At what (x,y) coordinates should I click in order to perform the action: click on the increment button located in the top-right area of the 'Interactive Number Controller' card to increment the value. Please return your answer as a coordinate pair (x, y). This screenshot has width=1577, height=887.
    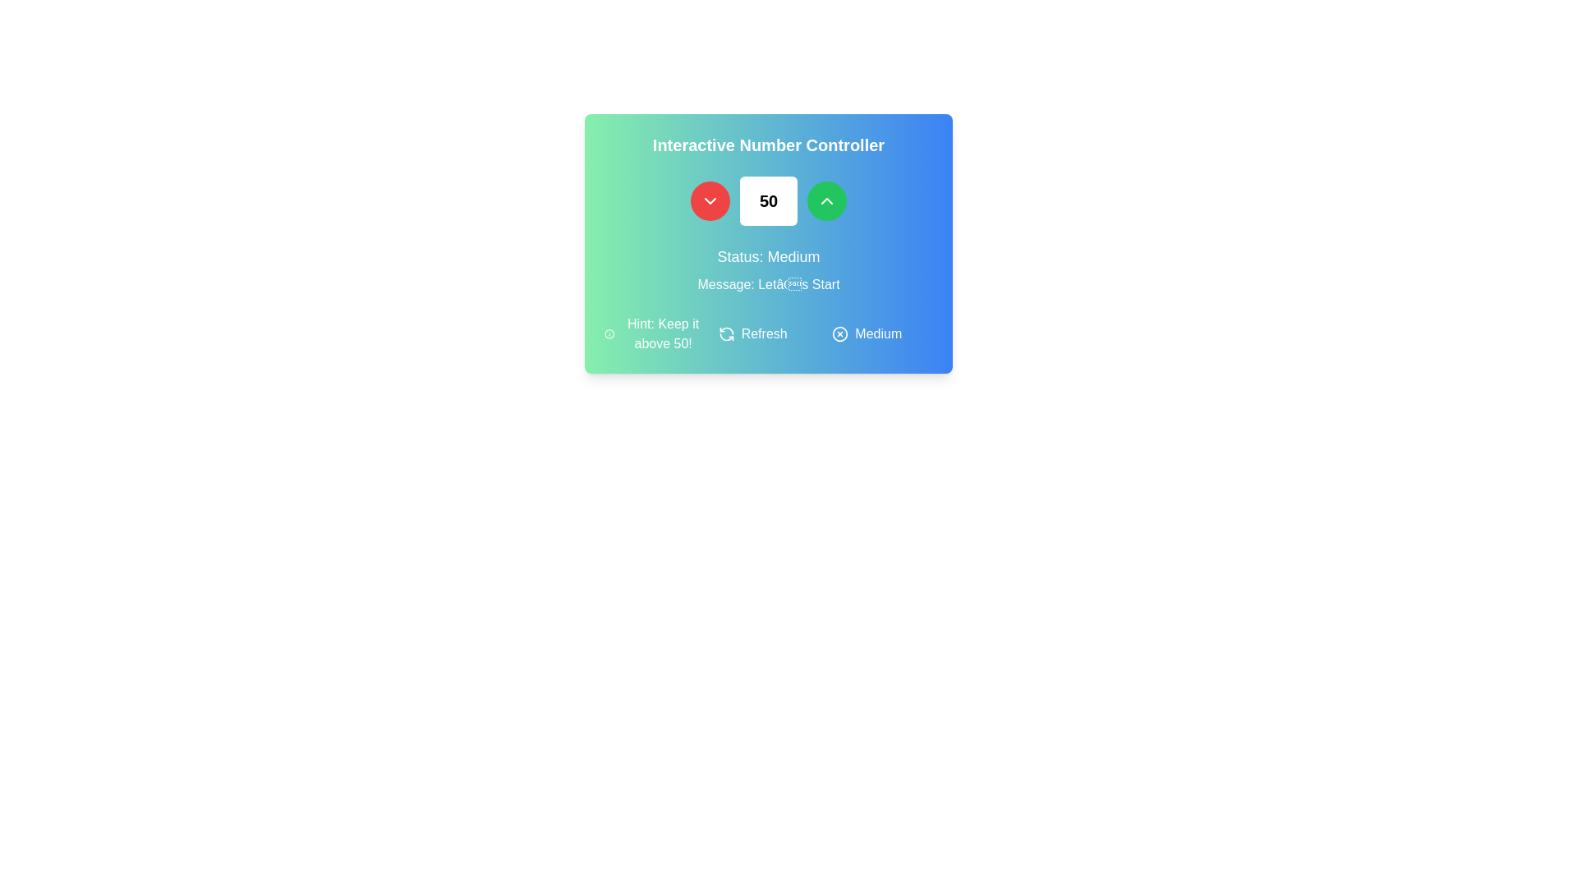
    Looking at the image, I should click on (827, 200).